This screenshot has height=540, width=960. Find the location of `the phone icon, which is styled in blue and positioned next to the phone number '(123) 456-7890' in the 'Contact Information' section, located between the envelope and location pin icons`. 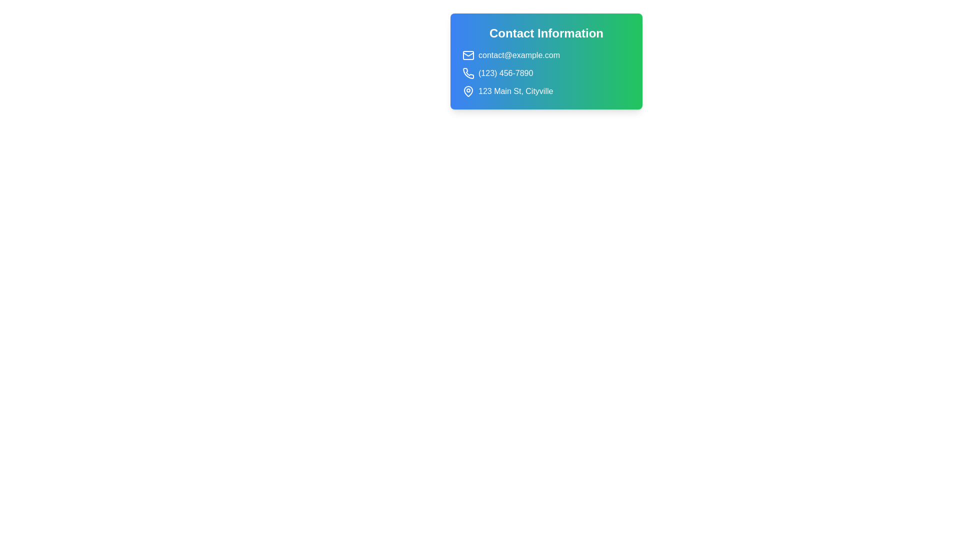

the phone icon, which is styled in blue and positioned next to the phone number '(123) 456-7890' in the 'Contact Information' section, located between the envelope and location pin icons is located at coordinates (468, 72).